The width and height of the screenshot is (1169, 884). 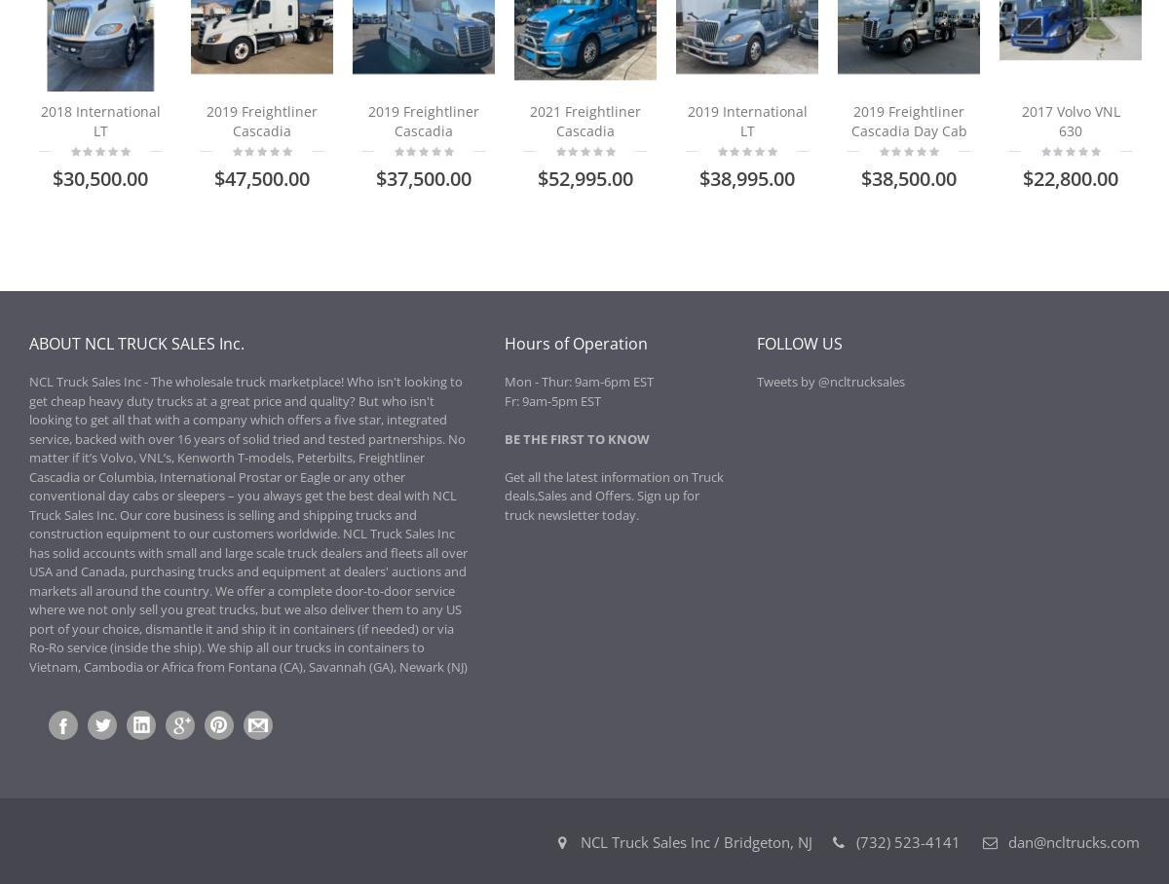 I want to click on '$30,500.00', so click(x=99, y=177).